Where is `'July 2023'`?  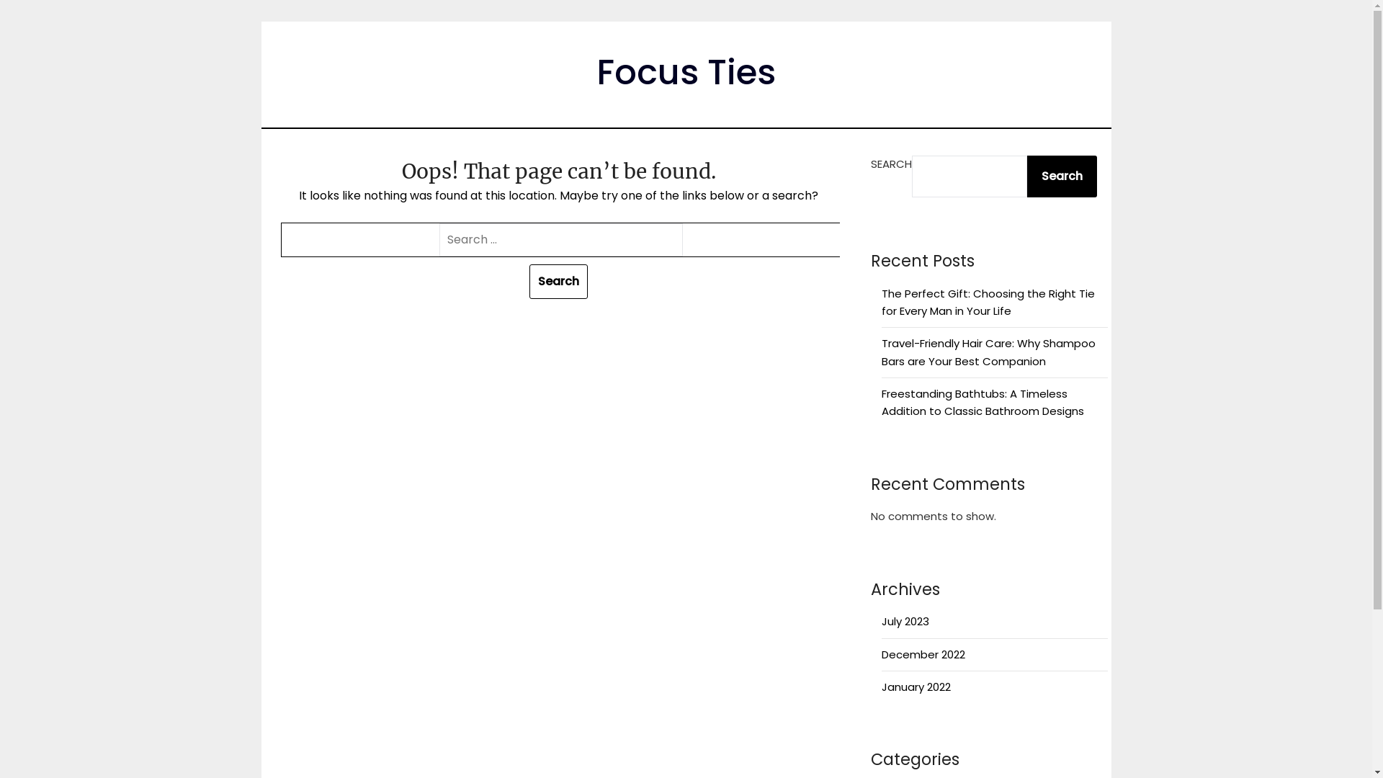 'July 2023' is located at coordinates (905, 620).